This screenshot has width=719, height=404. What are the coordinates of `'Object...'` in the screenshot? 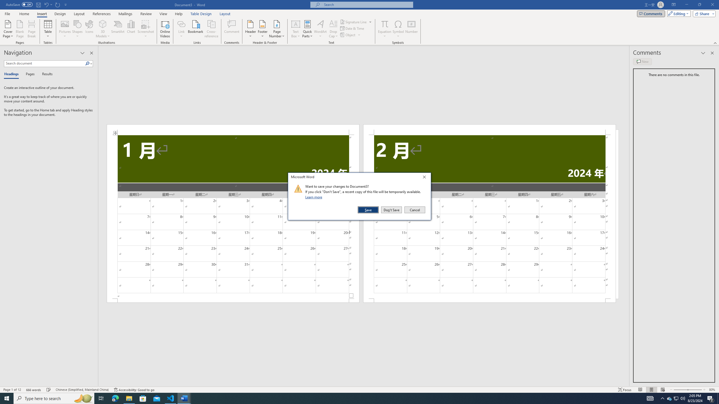 It's located at (350, 34).